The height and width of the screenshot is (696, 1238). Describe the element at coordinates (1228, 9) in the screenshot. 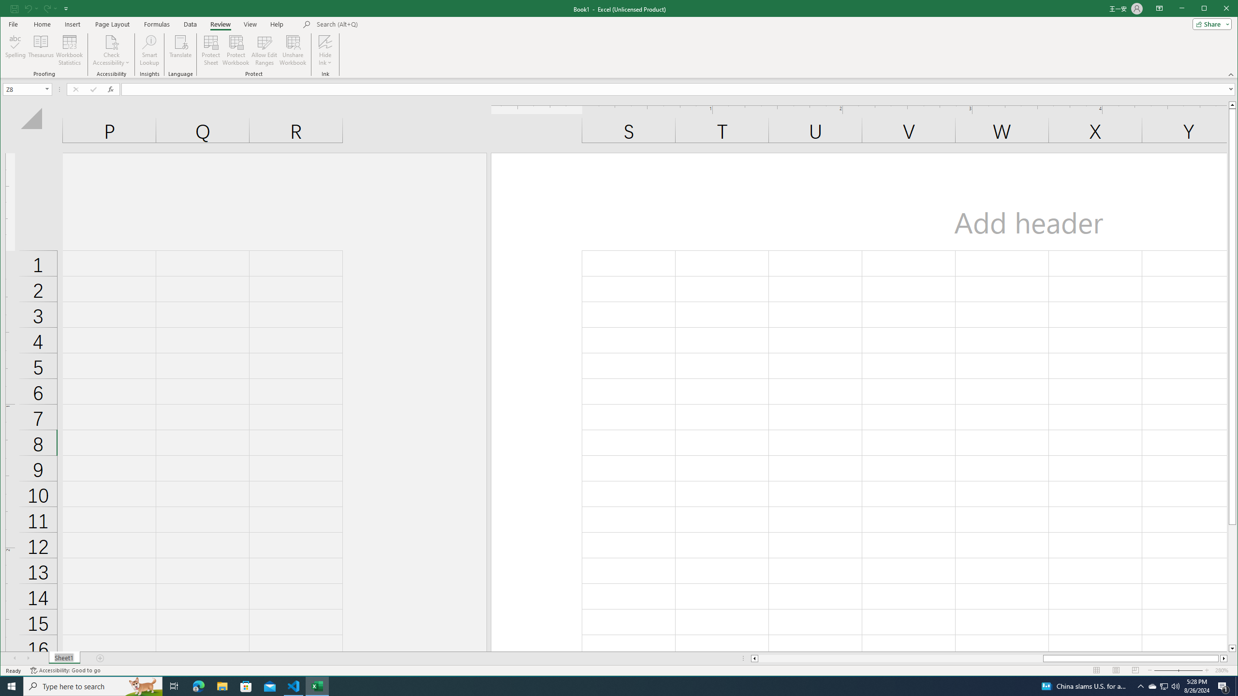

I see `'Close'` at that location.